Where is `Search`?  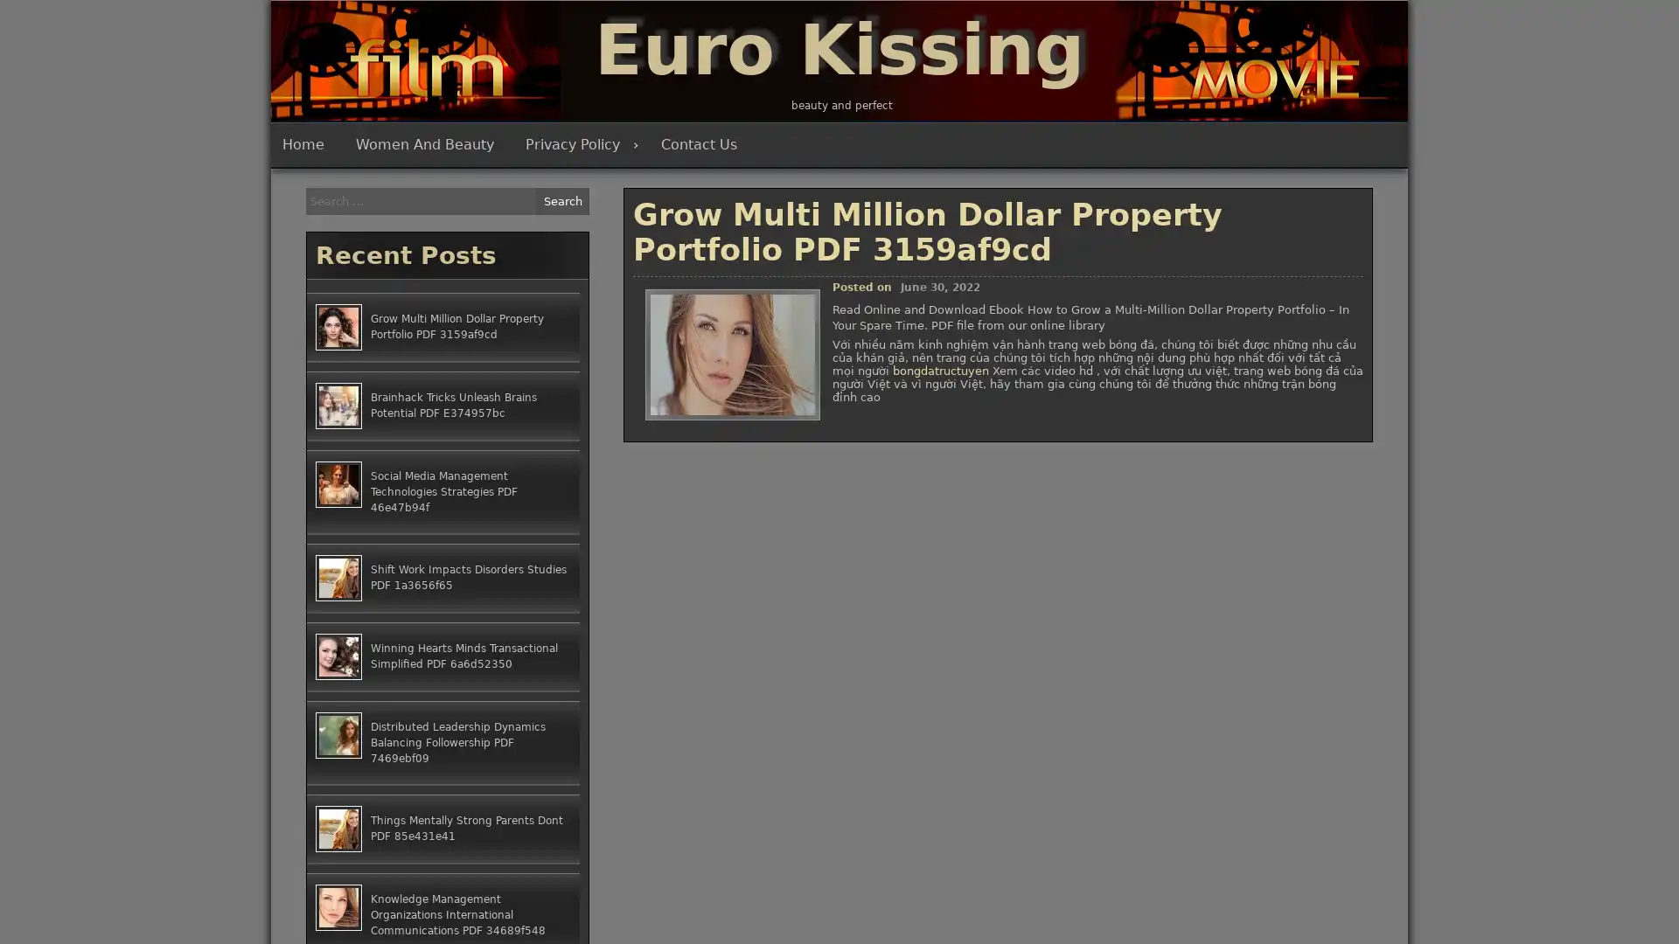 Search is located at coordinates (562, 200).